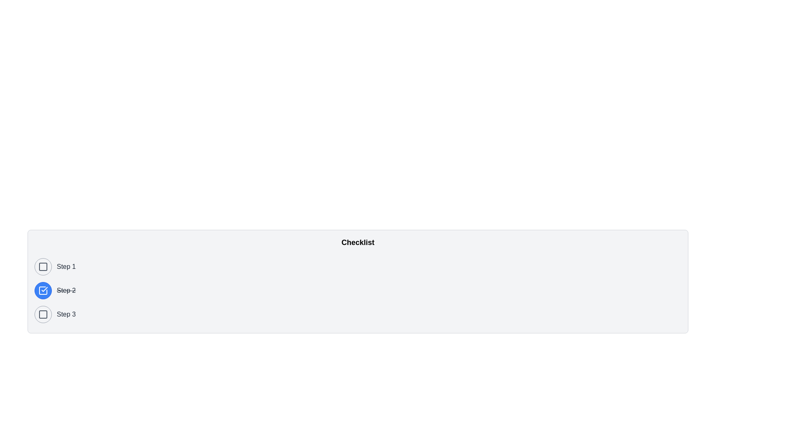  What do you see at coordinates (43, 314) in the screenshot?
I see `the interactive icon located to the left of the 'Step 3' text label` at bounding box center [43, 314].